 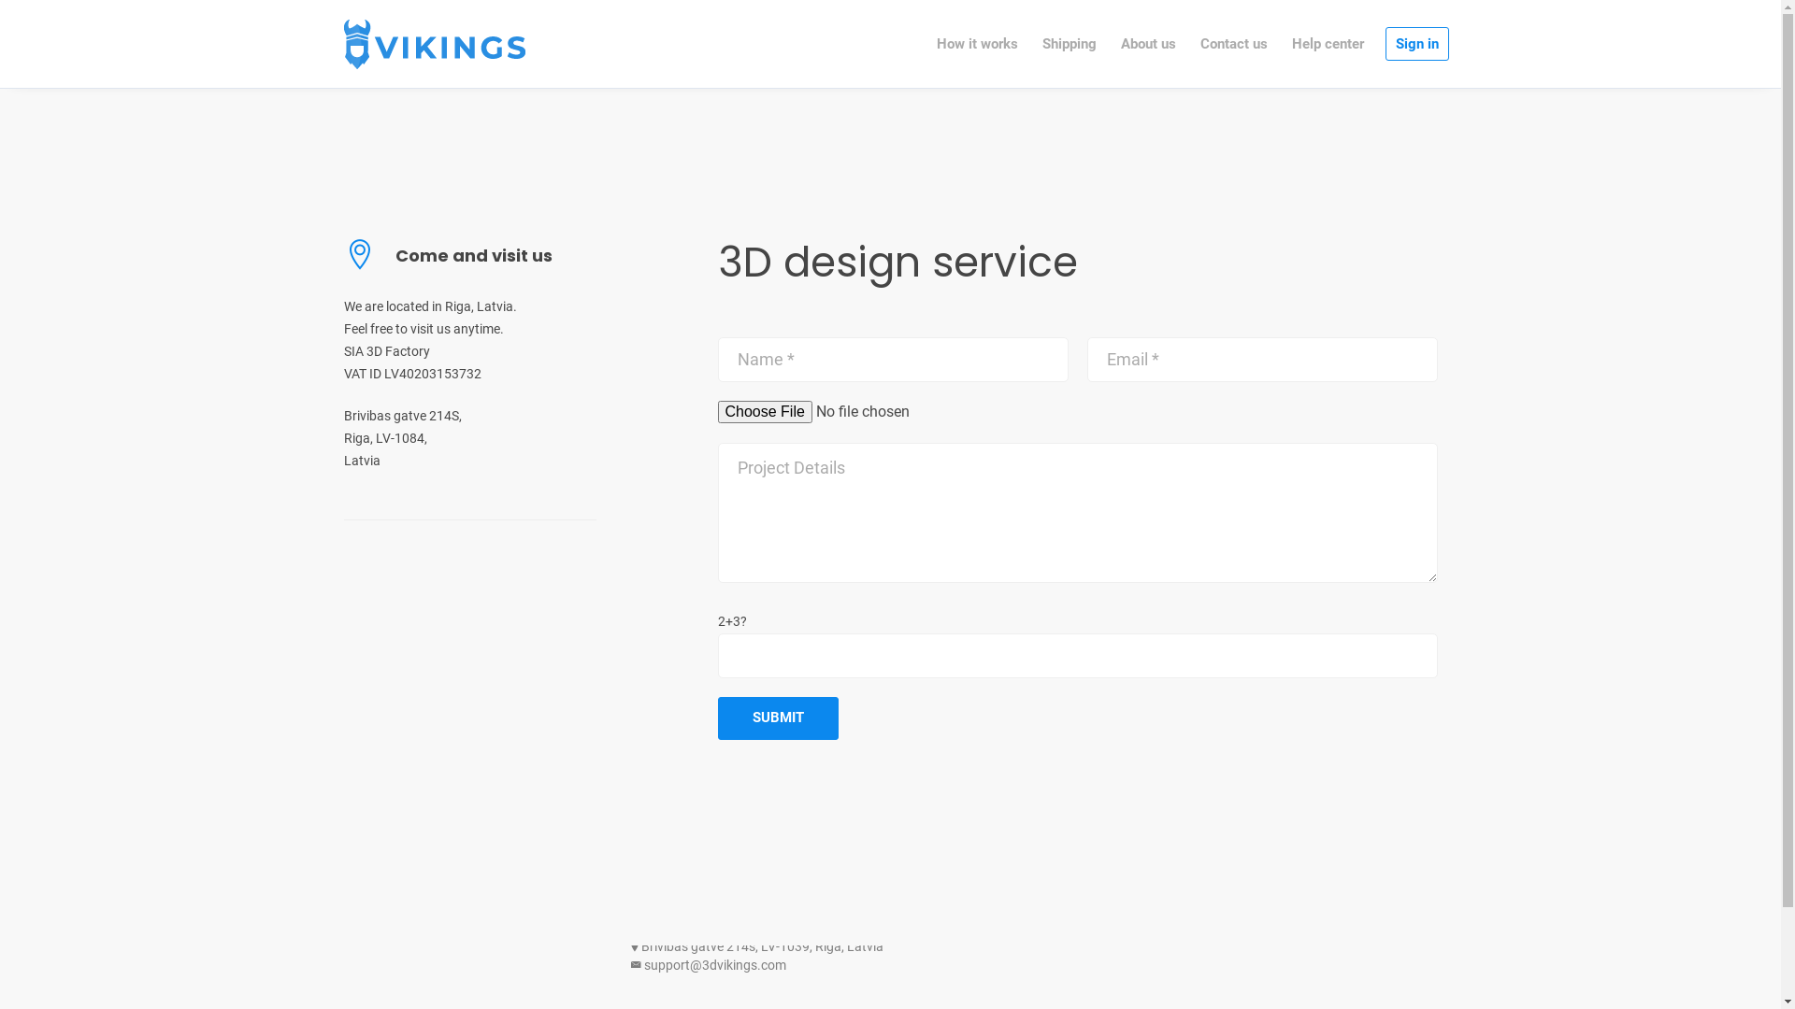 What do you see at coordinates (977, 42) in the screenshot?
I see `'How it works'` at bounding box center [977, 42].